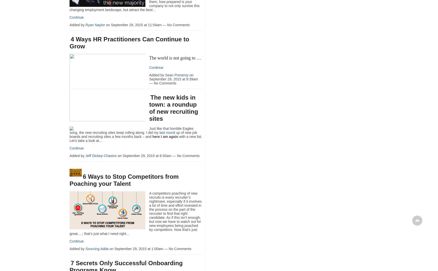 The width and height of the screenshot is (438, 271). I want to click on 'Jeff Dickey-Chasins', so click(101, 155).